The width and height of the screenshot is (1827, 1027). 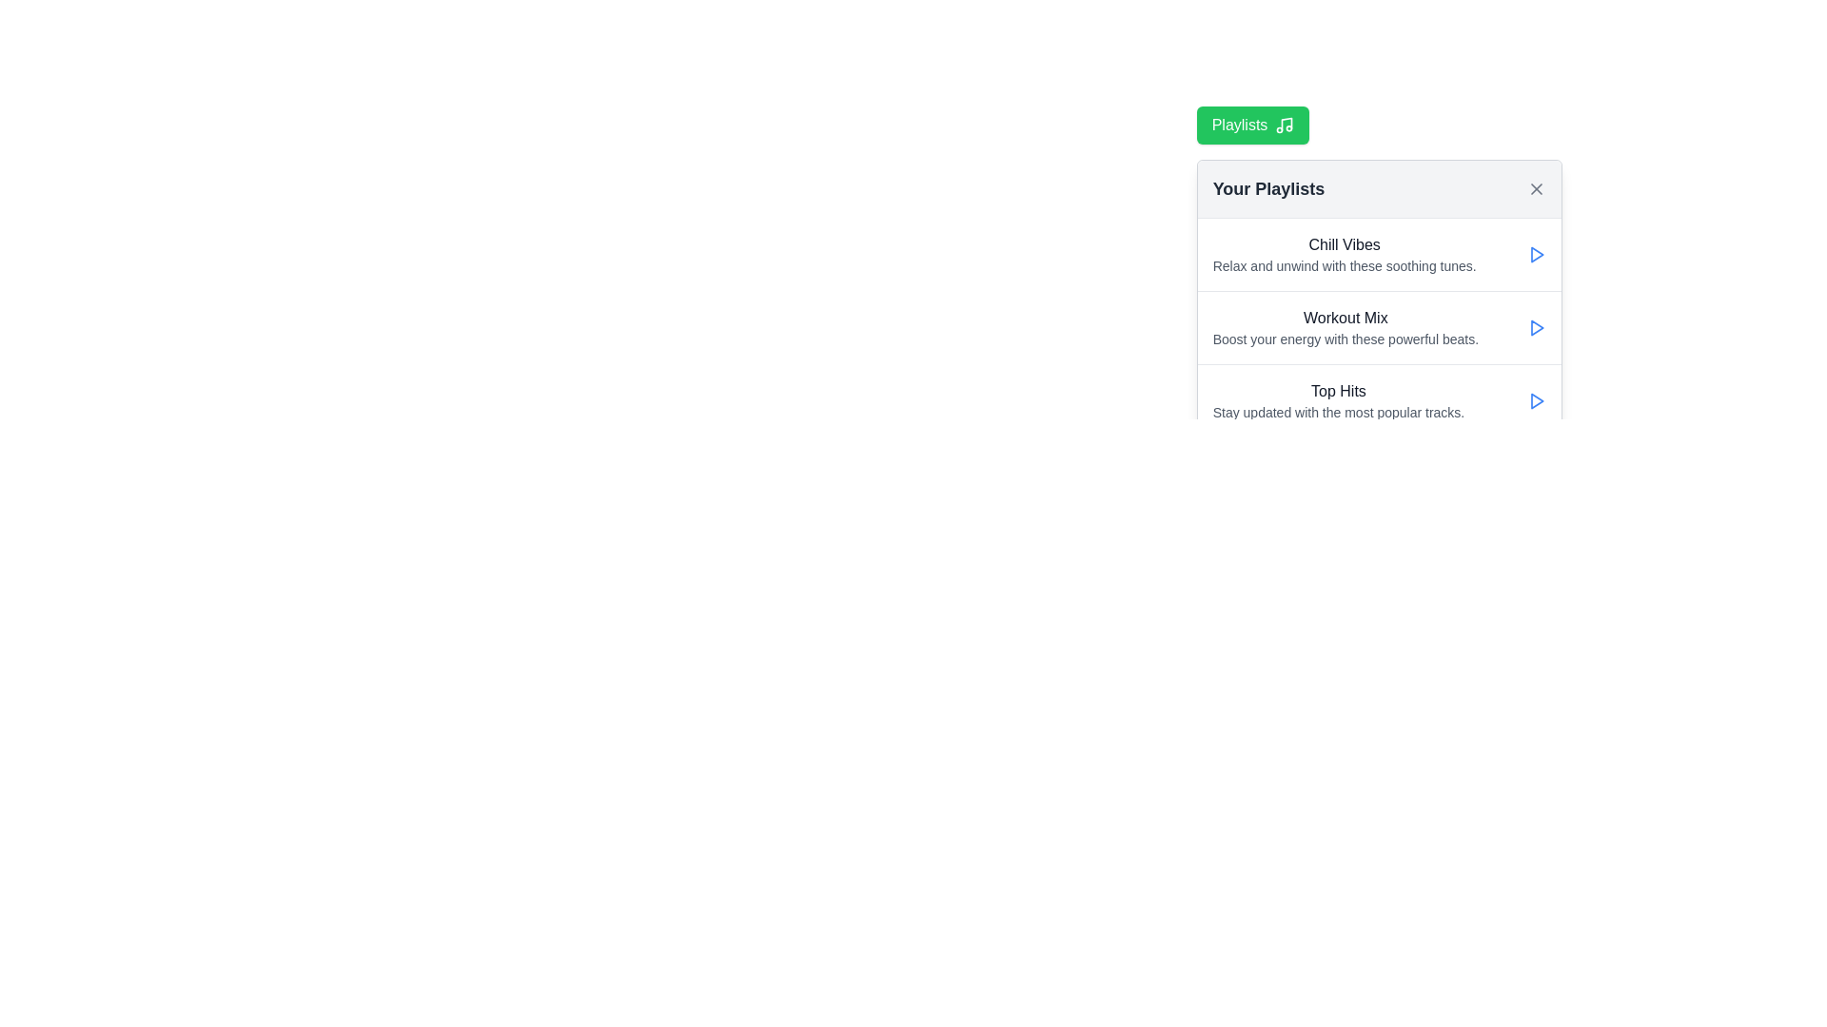 I want to click on the Text Label that describes the 'Workout Mix' playlist, located directly below the title in the second playlist item under 'Your Playlists', so click(x=1345, y=339).